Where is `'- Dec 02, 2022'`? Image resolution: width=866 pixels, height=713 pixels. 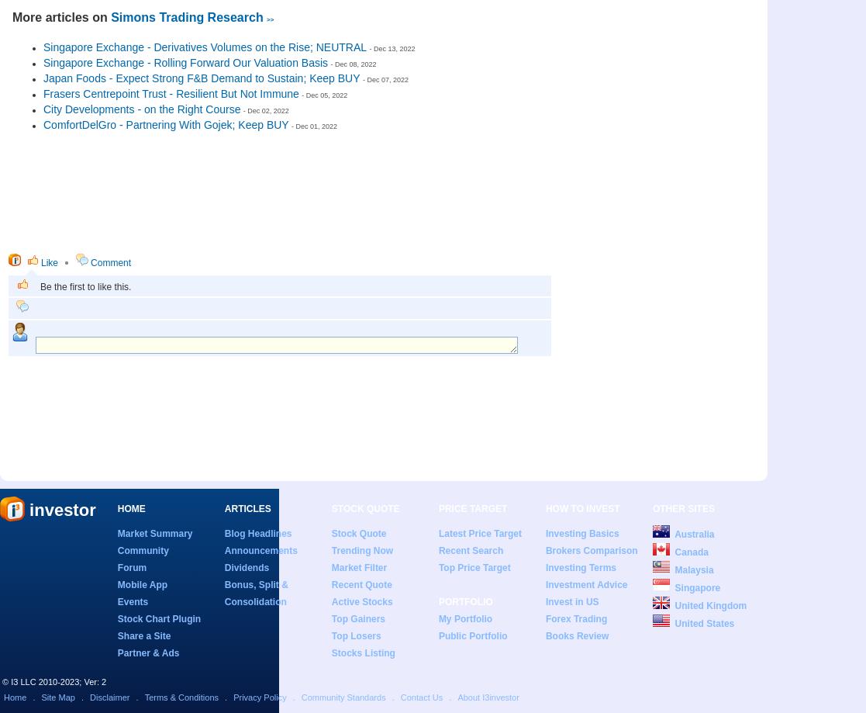
'- Dec 02, 2022' is located at coordinates (264, 109).